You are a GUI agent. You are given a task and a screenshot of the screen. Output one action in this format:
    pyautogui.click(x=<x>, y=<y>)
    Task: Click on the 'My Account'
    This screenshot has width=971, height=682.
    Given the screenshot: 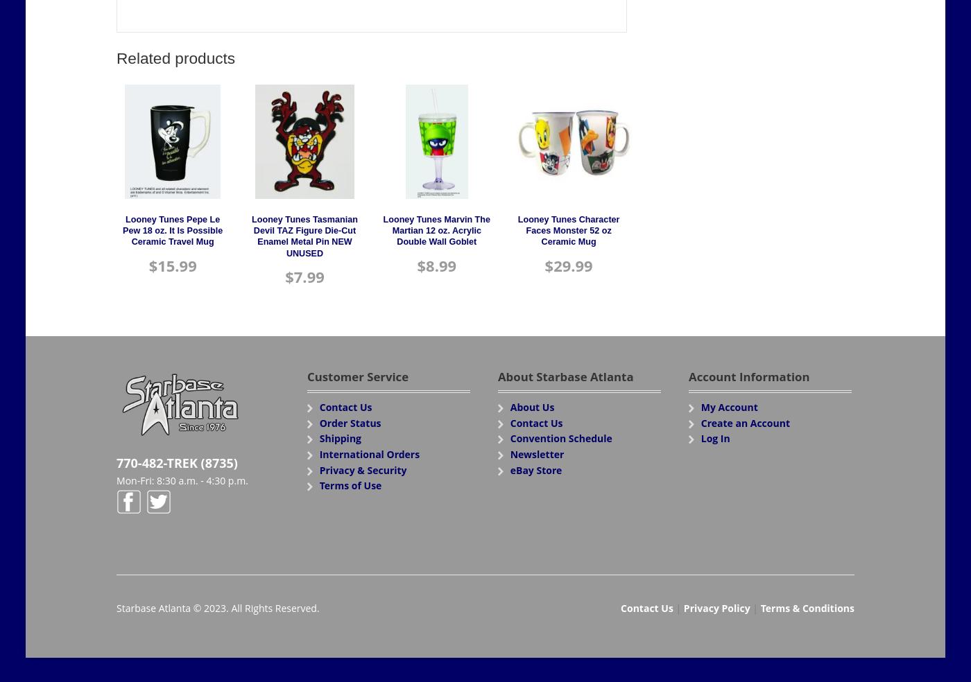 What is the action you would take?
    pyautogui.click(x=728, y=406)
    